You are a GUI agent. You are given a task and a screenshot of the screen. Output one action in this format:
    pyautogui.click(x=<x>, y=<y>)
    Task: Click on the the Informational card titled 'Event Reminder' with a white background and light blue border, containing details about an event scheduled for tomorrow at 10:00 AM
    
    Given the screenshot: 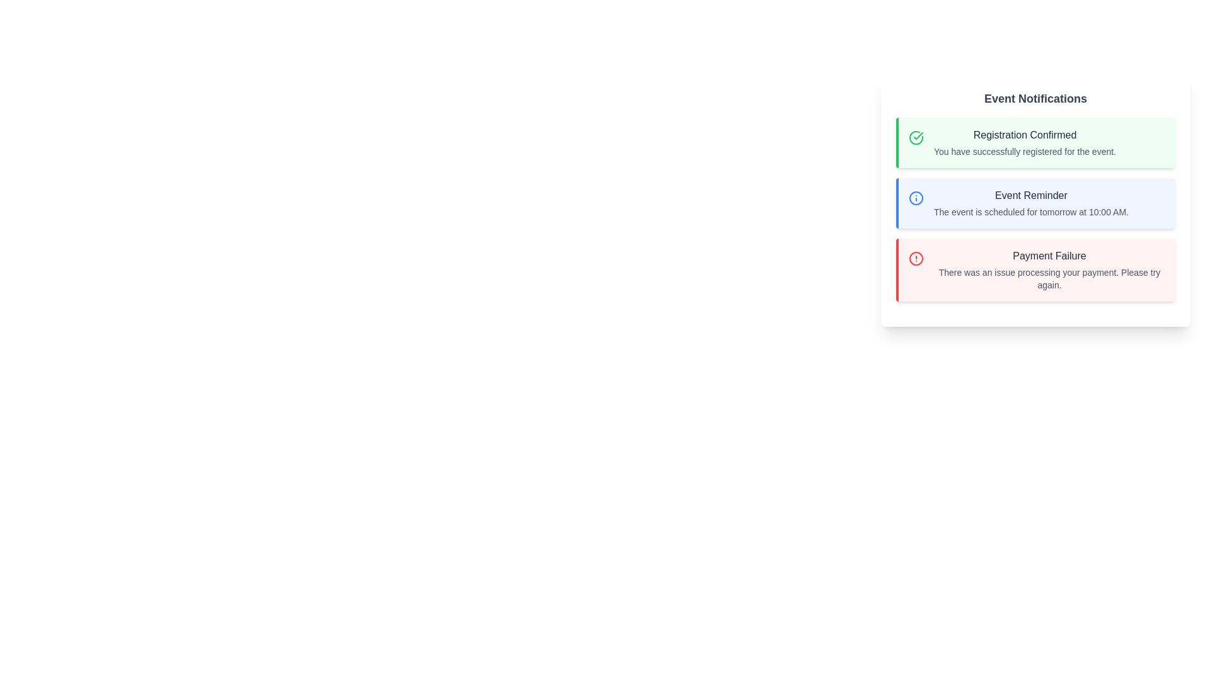 What is the action you would take?
    pyautogui.click(x=1035, y=200)
    